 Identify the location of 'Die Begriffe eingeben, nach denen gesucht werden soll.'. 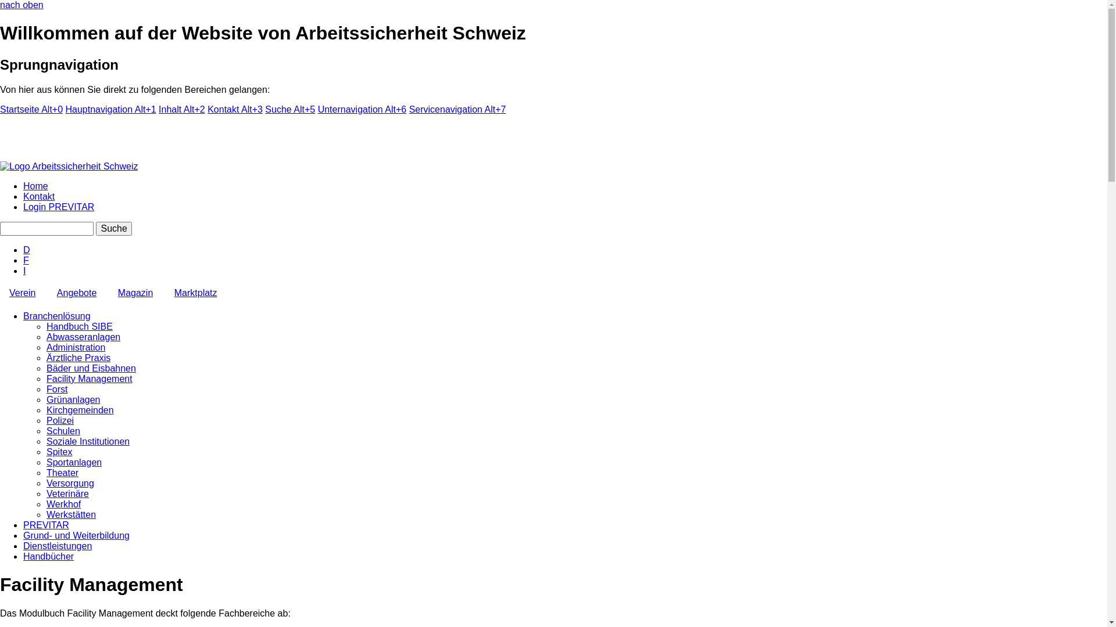
(46, 228).